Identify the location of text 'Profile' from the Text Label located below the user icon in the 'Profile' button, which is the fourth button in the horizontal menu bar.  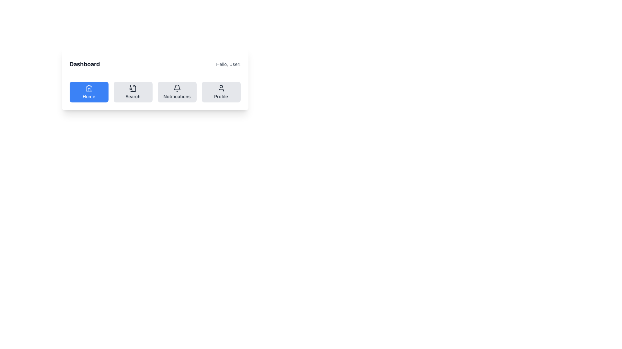
(221, 97).